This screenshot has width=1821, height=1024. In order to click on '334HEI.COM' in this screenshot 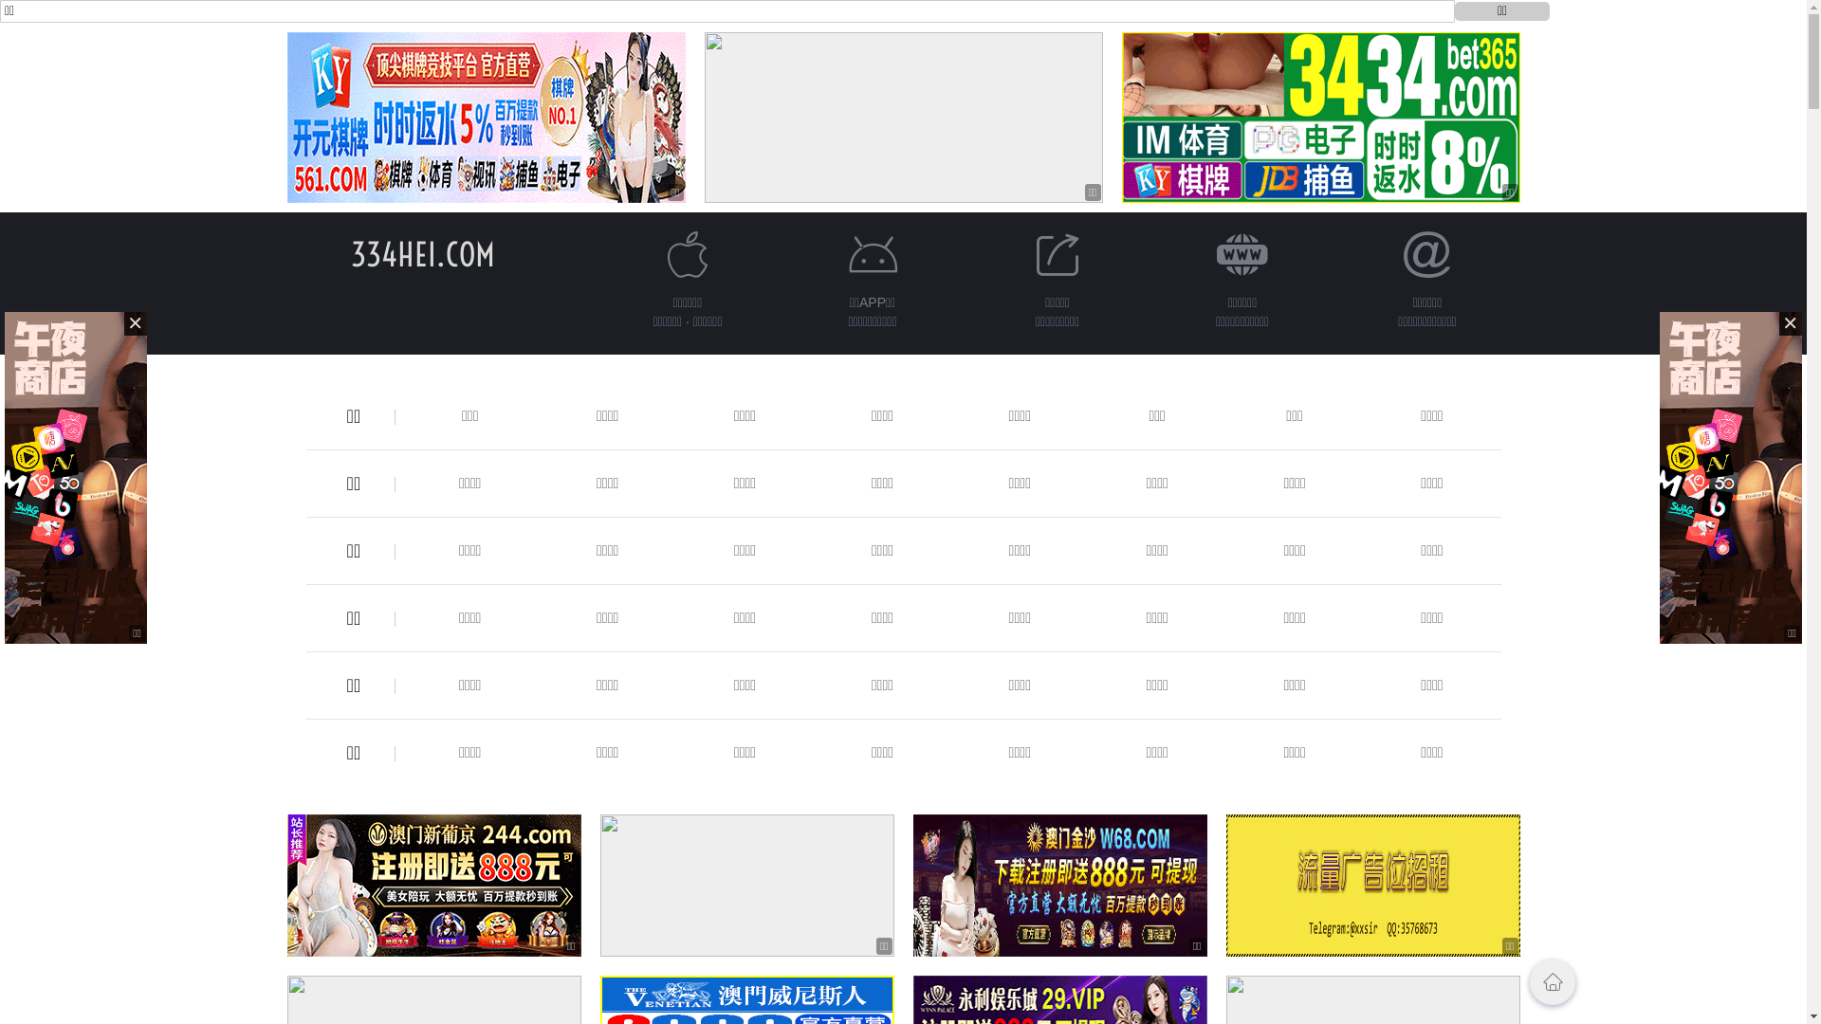, I will do `click(422, 253)`.